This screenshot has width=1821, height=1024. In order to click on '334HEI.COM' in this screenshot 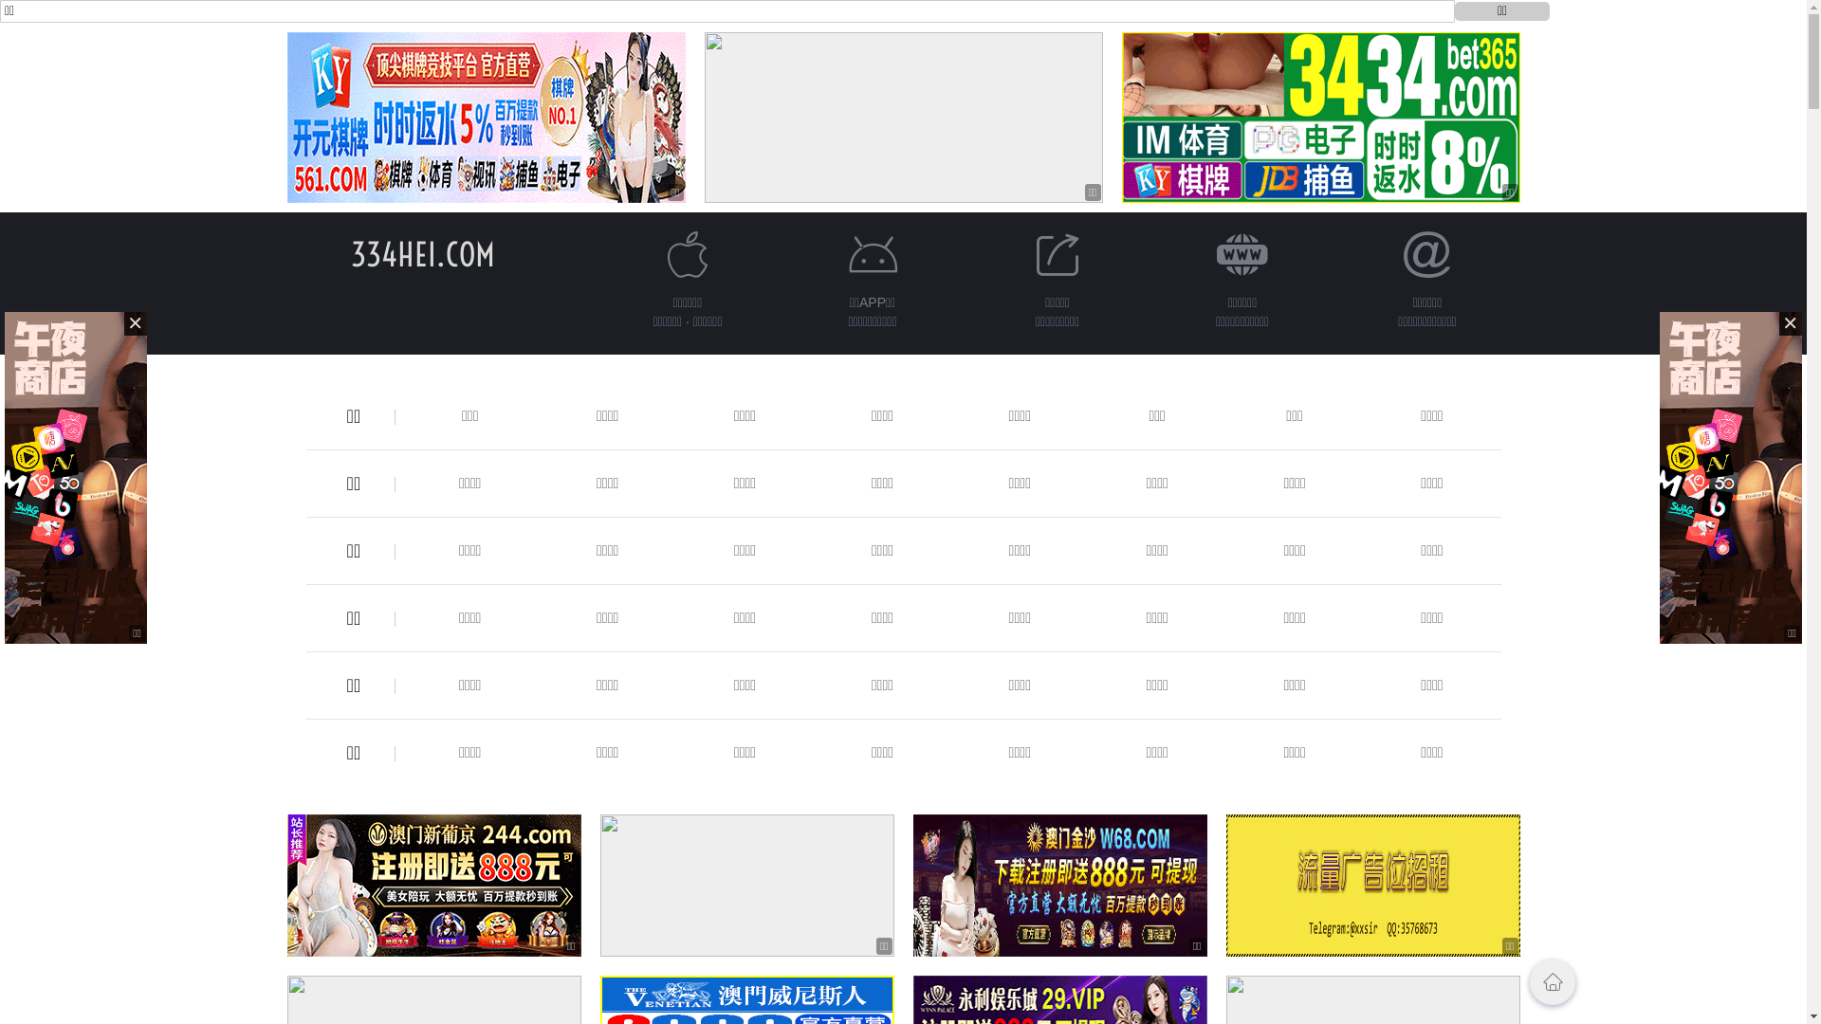, I will do `click(422, 253)`.